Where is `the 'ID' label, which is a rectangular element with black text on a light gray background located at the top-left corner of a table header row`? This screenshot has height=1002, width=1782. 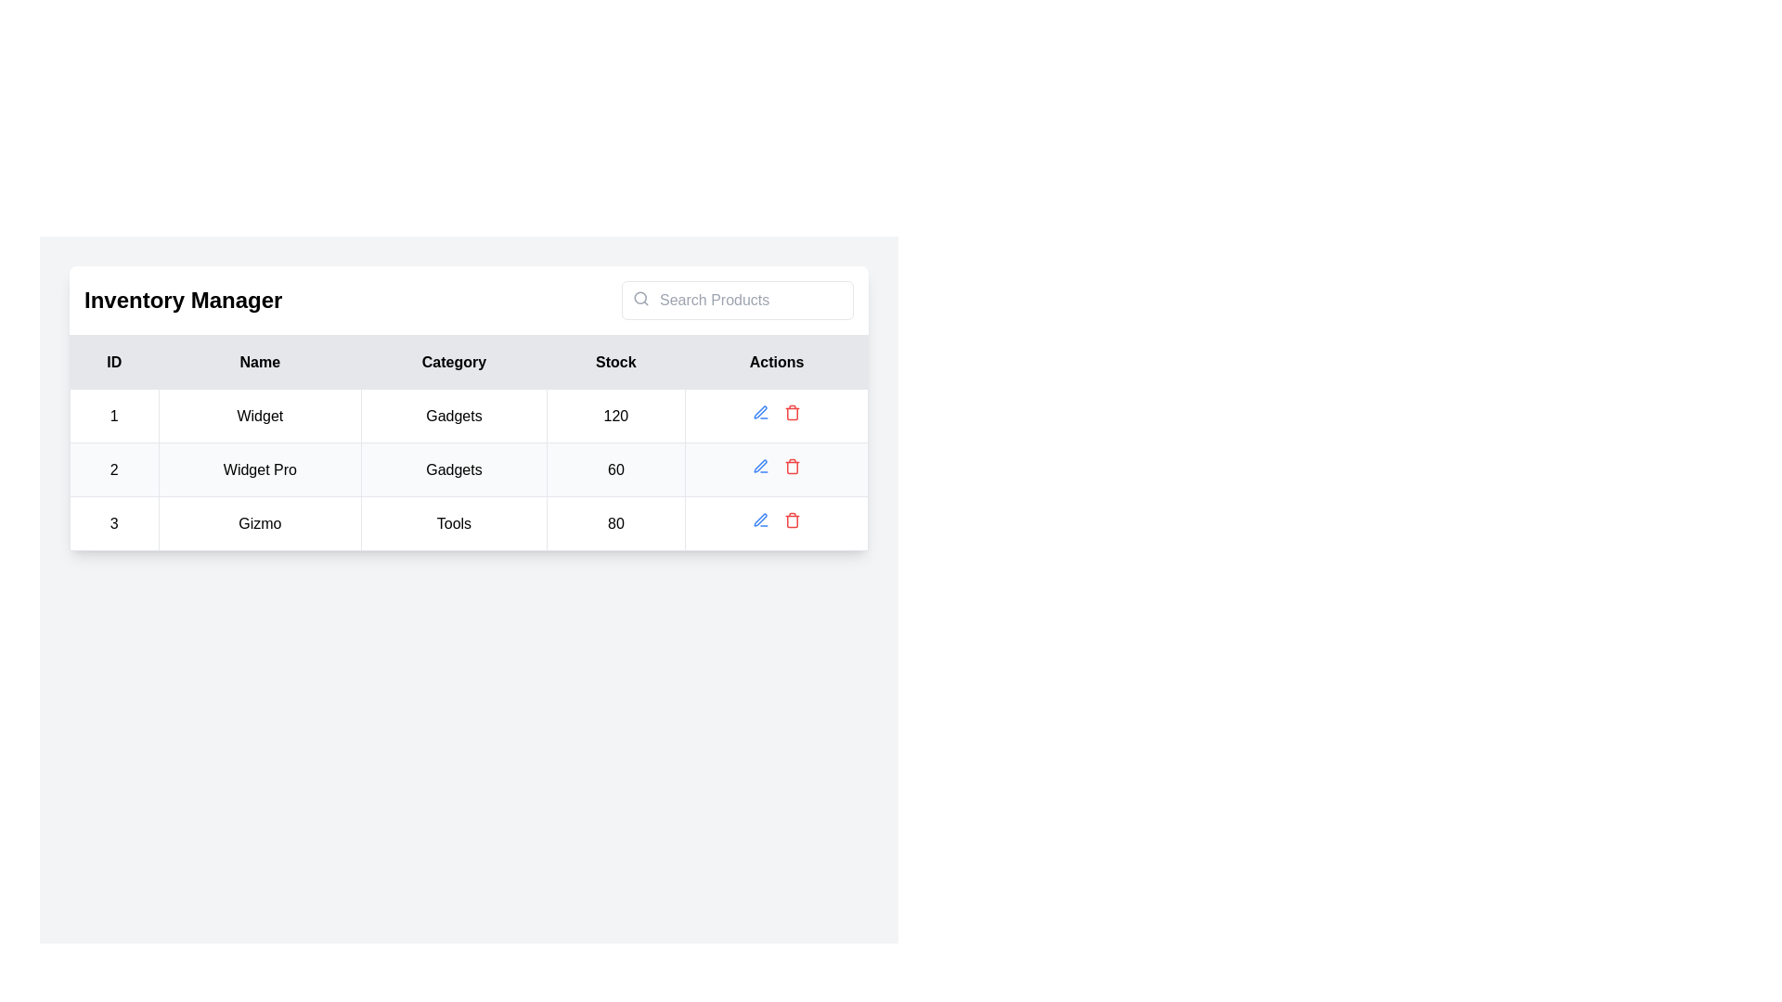
the 'ID' label, which is a rectangular element with black text on a light gray background located at the top-left corner of a table header row is located at coordinates (113, 362).